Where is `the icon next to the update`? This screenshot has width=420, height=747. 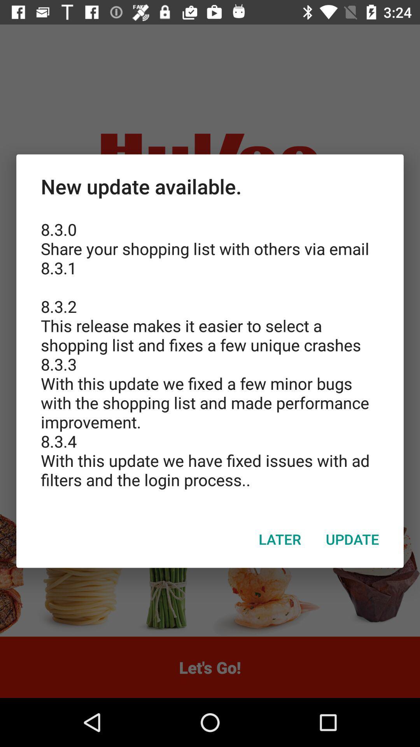
the icon next to the update is located at coordinates (280, 539).